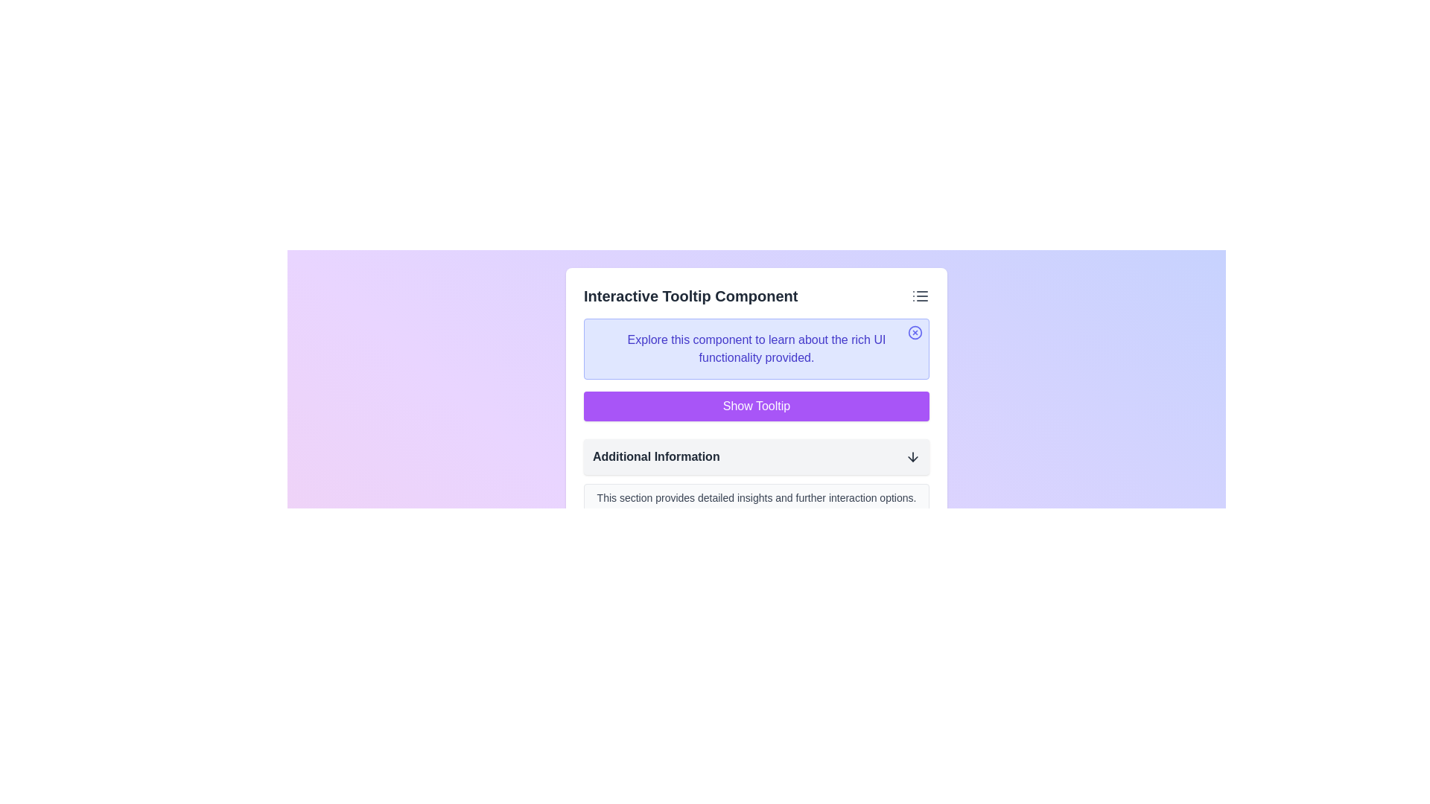 The height and width of the screenshot is (804, 1430). I want to click on the circular indigo button with a cross (×) symbol inside, located in the top-right corner of the panel, to observe any potential hover effects, so click(914, 332).